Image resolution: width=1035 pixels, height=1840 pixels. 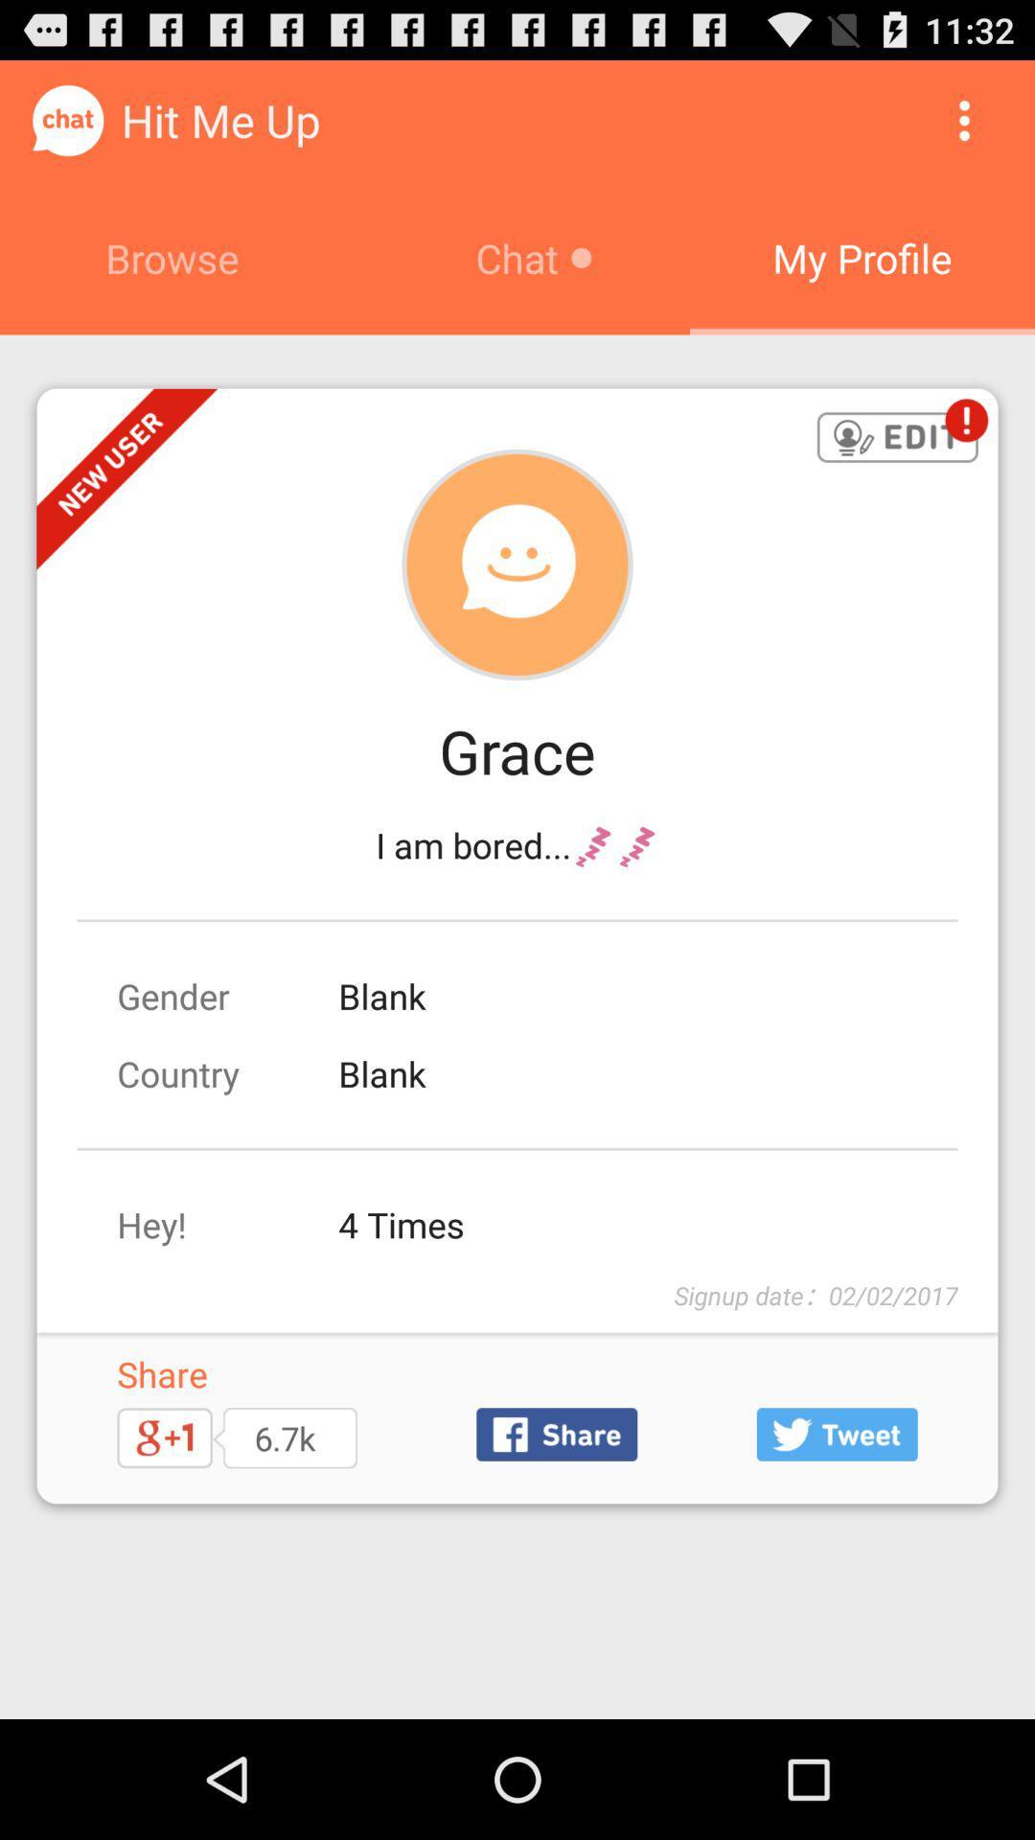 What do you see at coordinates (557, 1435) in the screenshot?
I see `share on facebook` at bounding box center [557, 1435].